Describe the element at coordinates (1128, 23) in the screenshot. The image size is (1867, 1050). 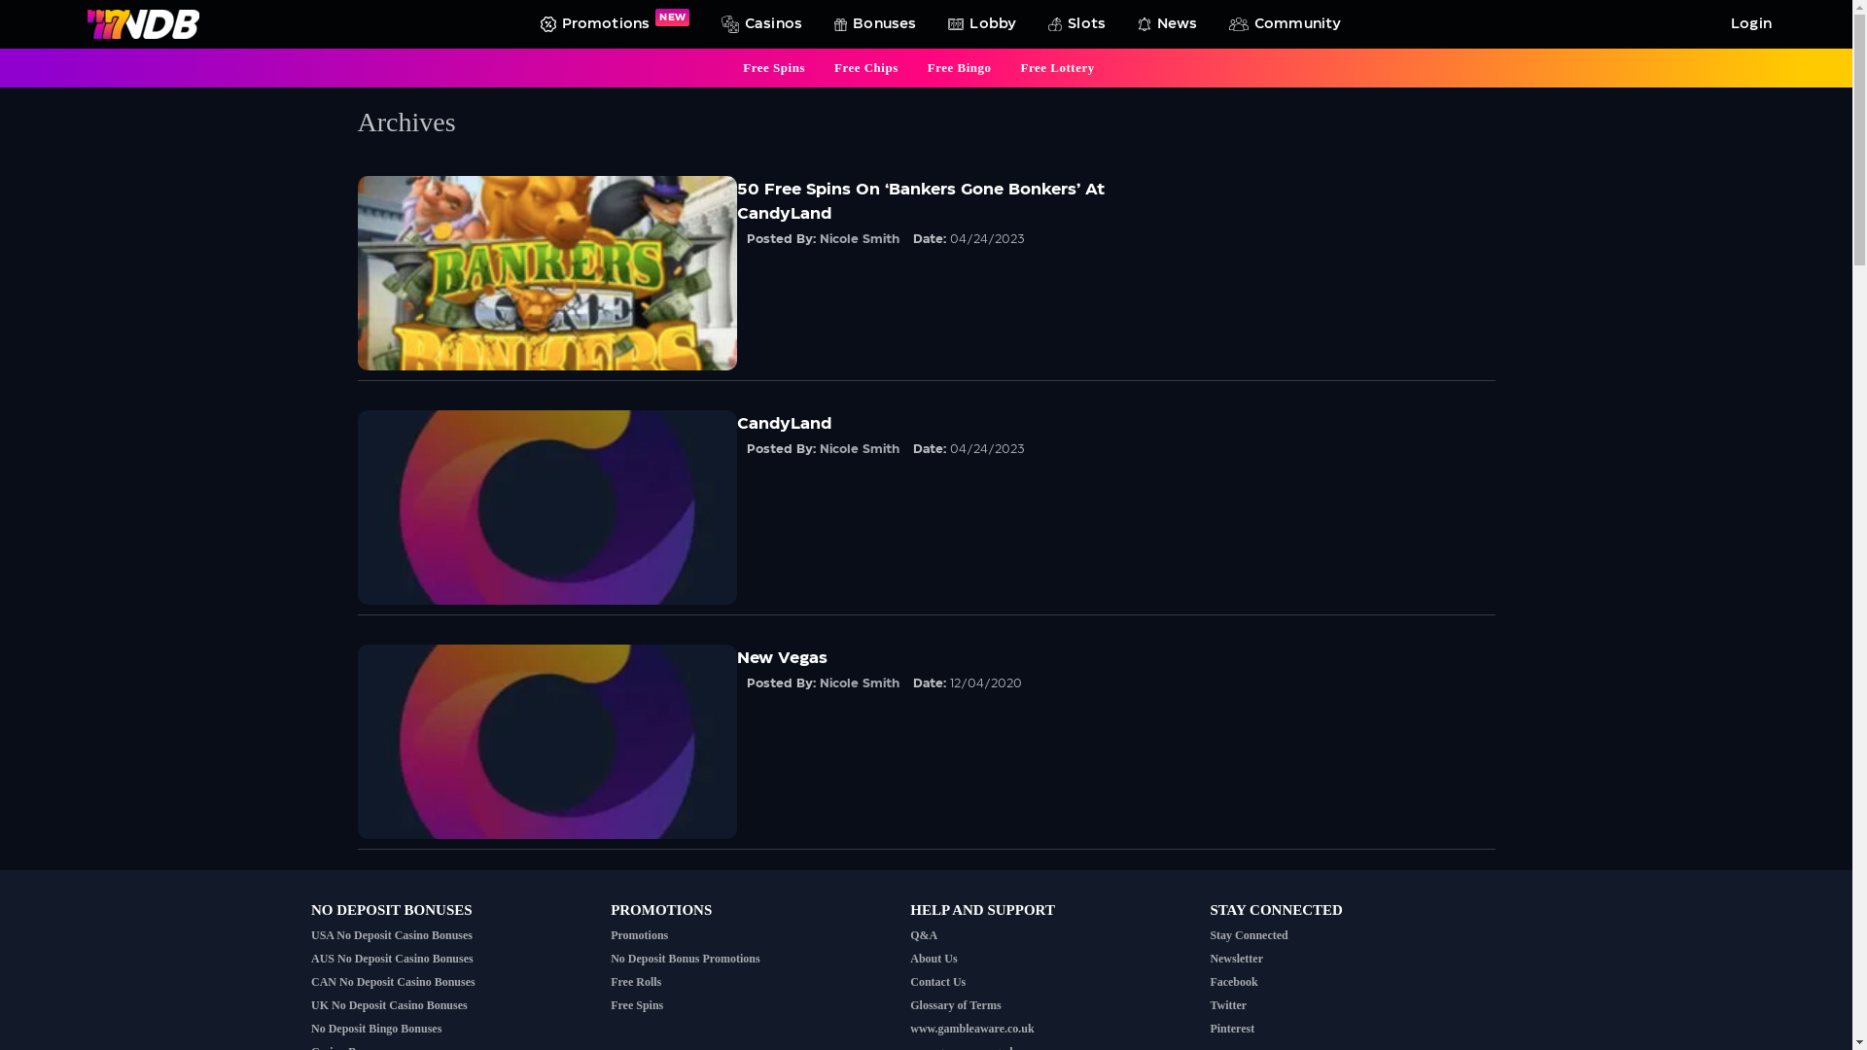
I see `'News'` at that location.